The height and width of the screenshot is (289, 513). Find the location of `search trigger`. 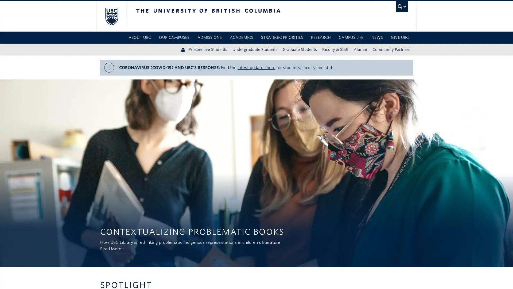

search trigger is located at coordinates (402, 6).